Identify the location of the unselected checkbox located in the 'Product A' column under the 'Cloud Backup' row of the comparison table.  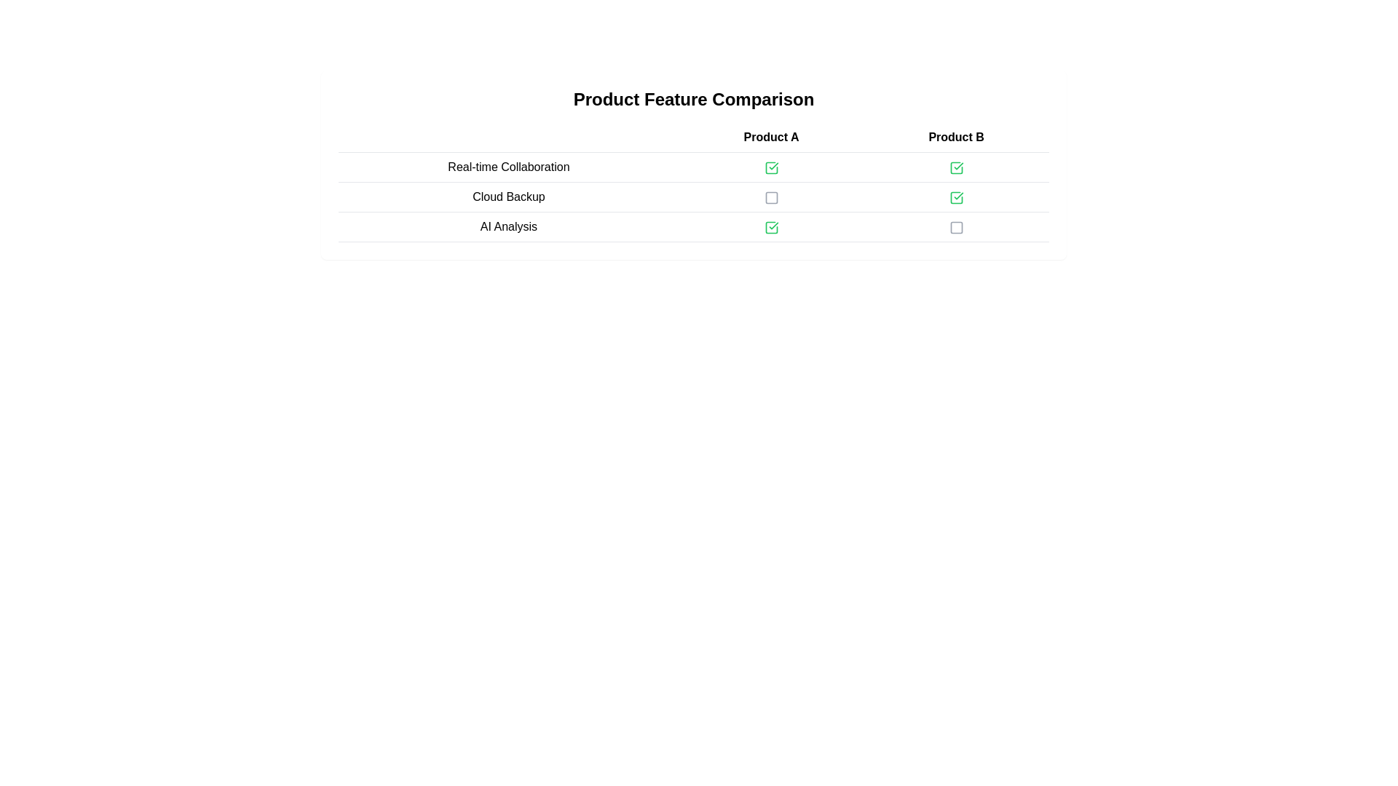
(770, 196).